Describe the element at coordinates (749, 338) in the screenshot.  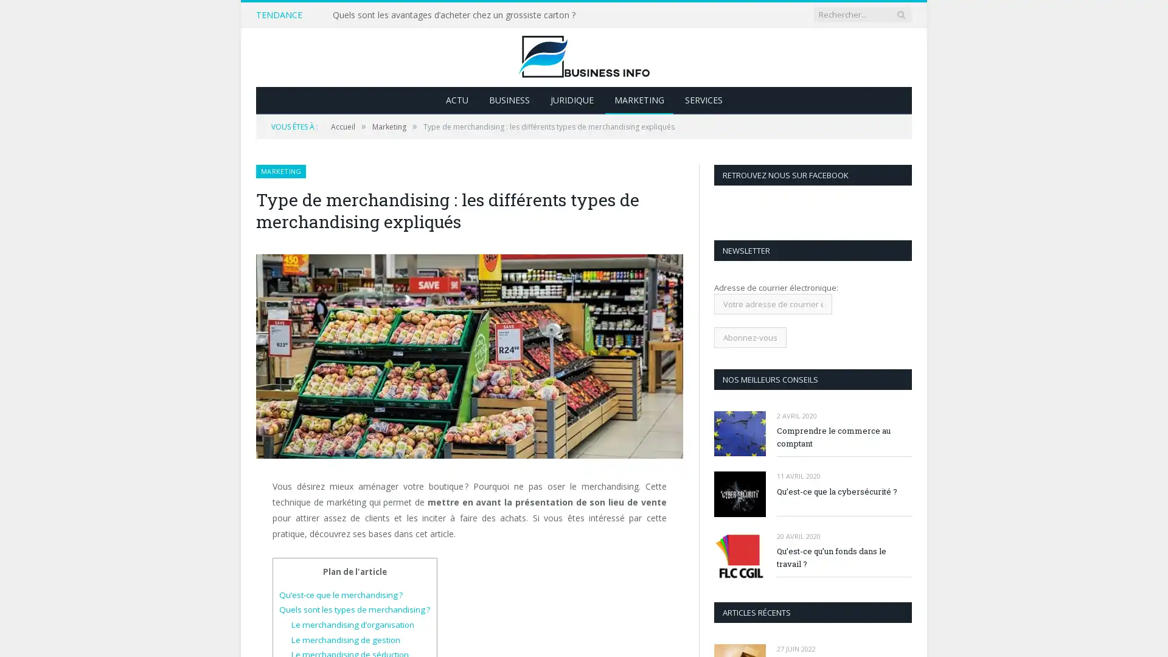
I see `Abonnez-vous` at that location.